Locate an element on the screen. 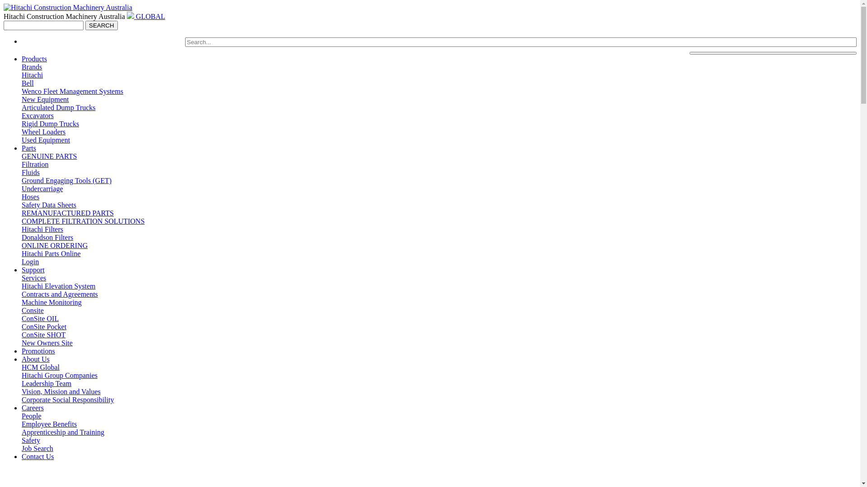 This screenshot has width=867, height=487. 'Hoses' is located at coordinates (30, 196).